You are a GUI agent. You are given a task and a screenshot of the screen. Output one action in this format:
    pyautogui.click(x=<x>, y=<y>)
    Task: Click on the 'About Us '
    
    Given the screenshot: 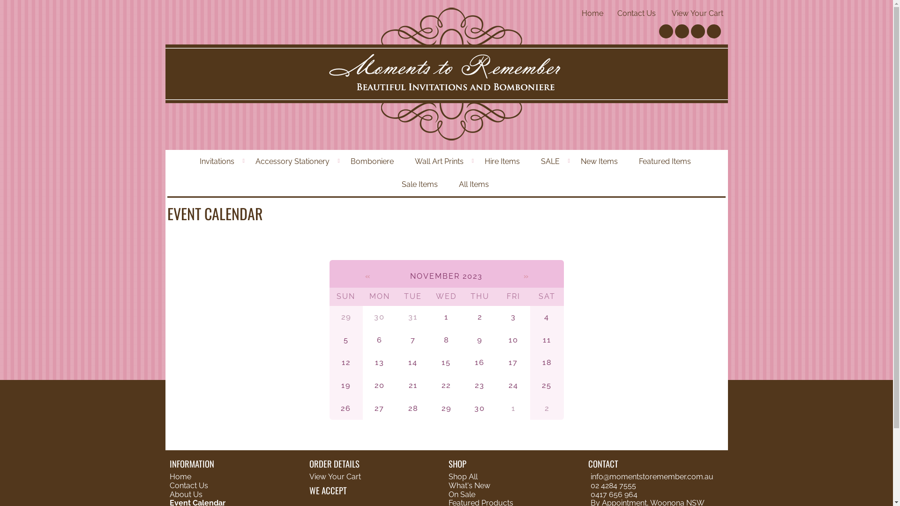 What is the action you would take?
    pyautogui.click(x=187, y=494)
    